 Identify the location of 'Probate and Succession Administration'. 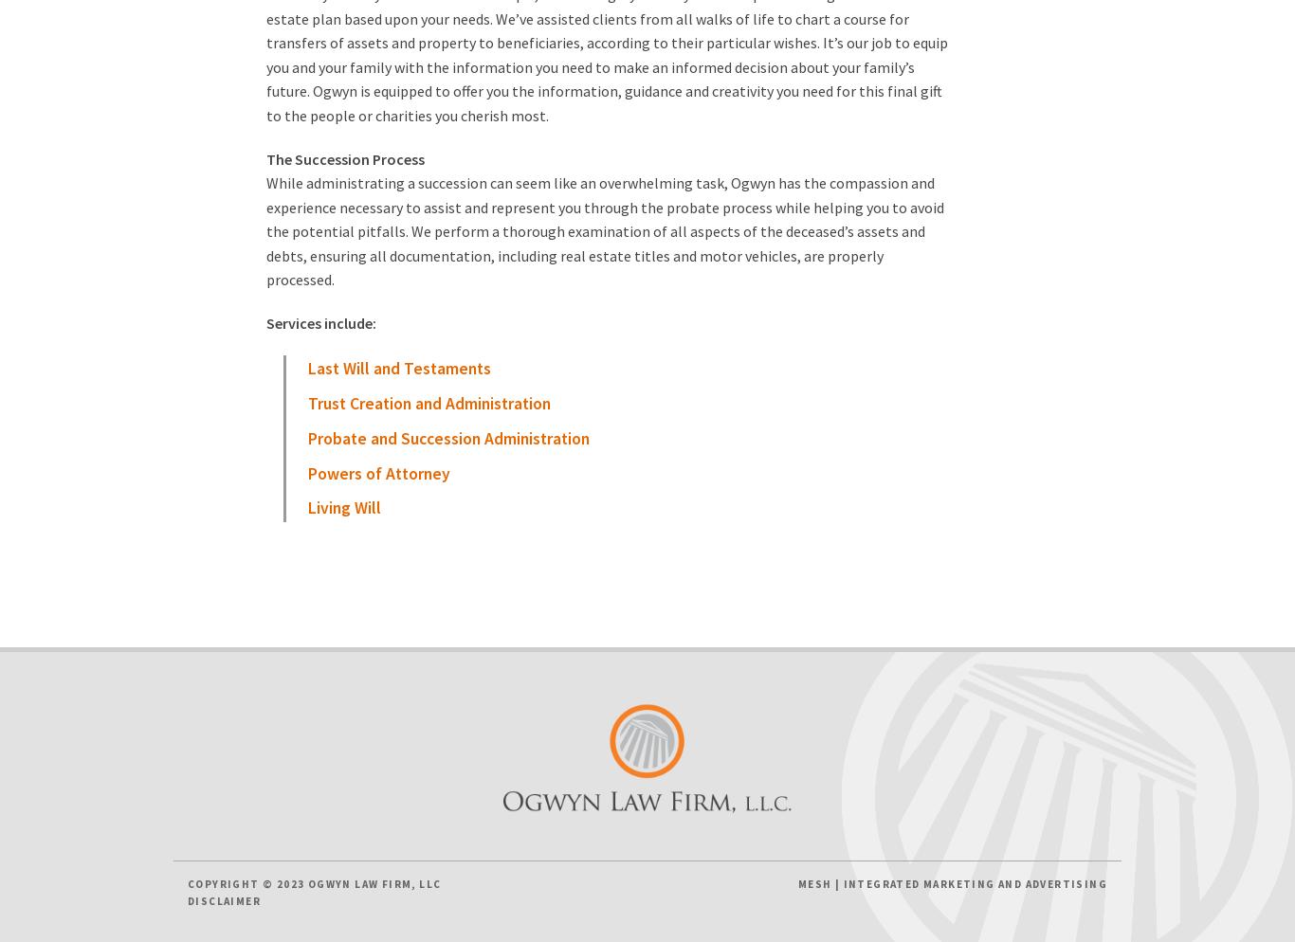
(447, 438).